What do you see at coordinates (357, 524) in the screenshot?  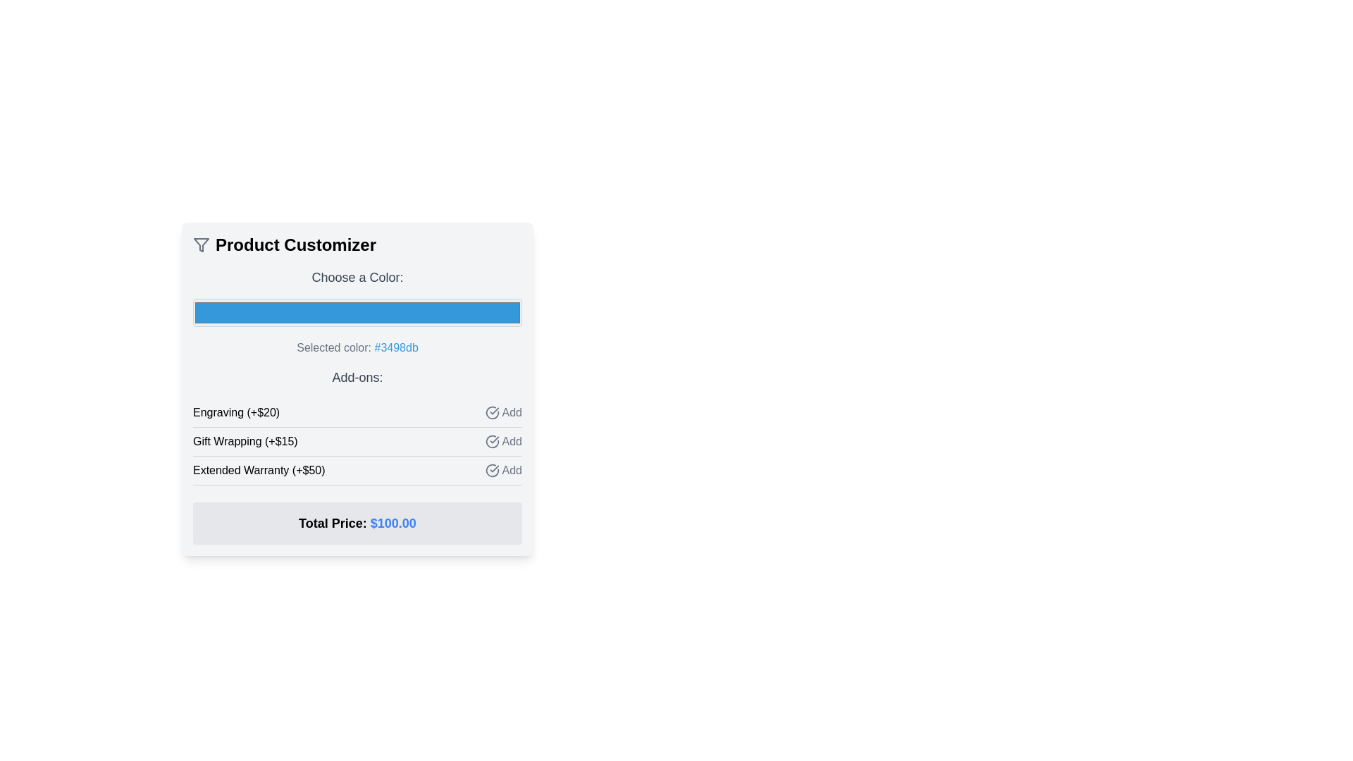 I see `the total price Text Label located at the bottom center of the 'Product Customizer' box, which displays the calculated total price based on selected options` at bounding box center [357, 524].